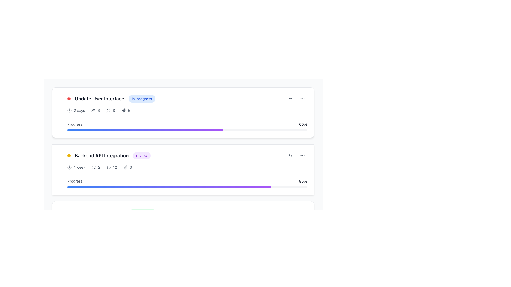  I want to click on displayed information from the informational panel that shows time duration and associated statistics for the task 'Backend API Integration', so click(187, 167).